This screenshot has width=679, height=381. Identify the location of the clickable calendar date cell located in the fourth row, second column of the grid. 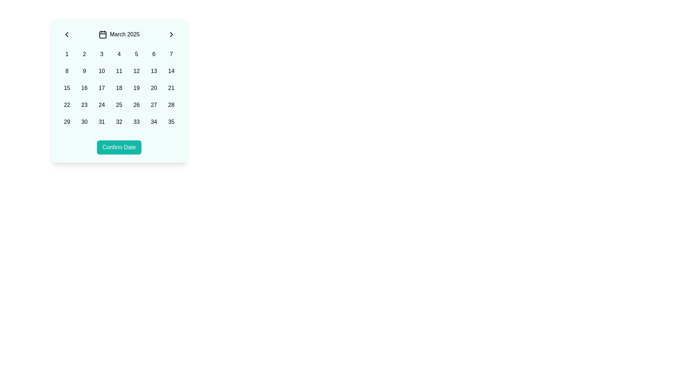
(84, 105).